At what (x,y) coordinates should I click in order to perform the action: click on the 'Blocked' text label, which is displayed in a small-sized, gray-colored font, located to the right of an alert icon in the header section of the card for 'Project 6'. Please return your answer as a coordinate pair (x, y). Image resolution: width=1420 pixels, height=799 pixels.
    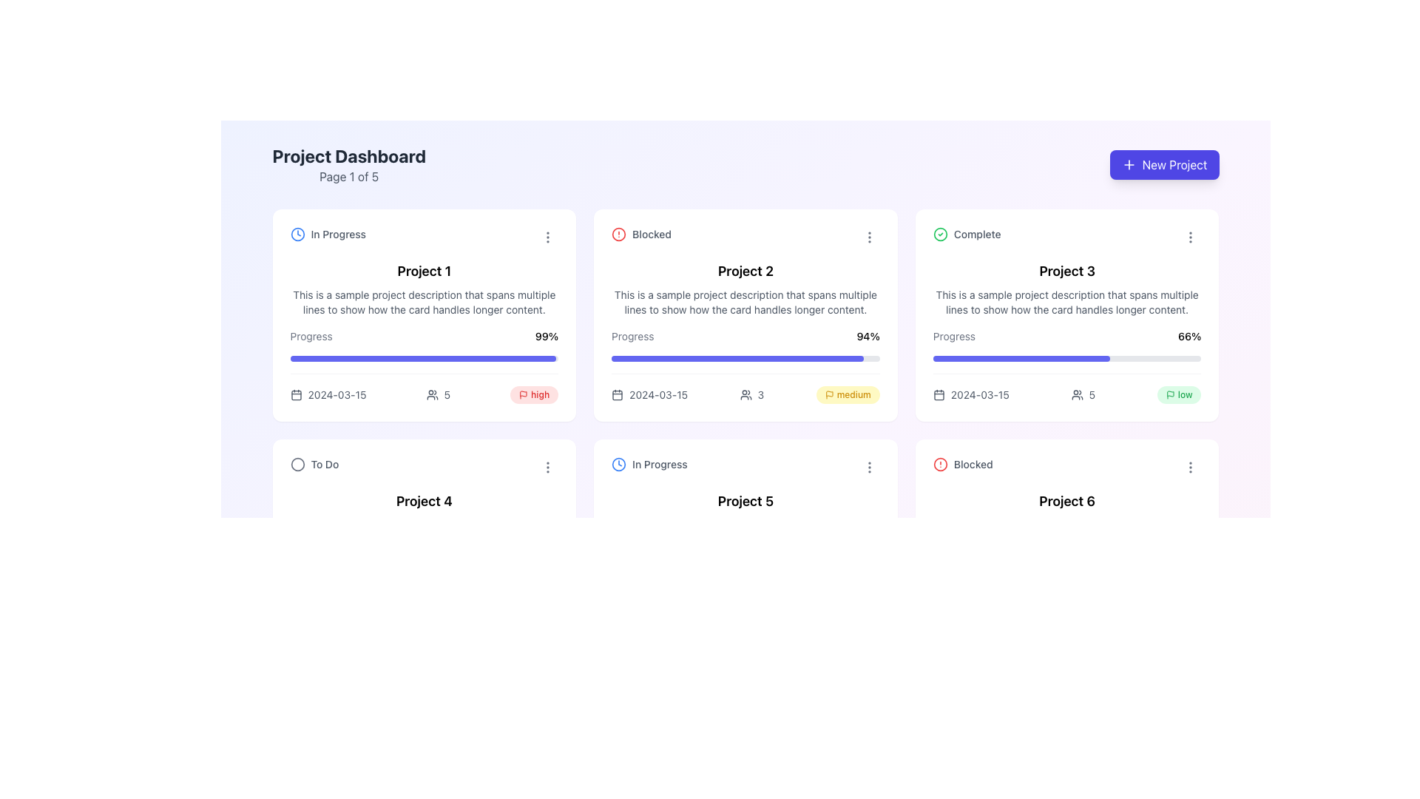
    Looking at the image, I should click on (973, 464).